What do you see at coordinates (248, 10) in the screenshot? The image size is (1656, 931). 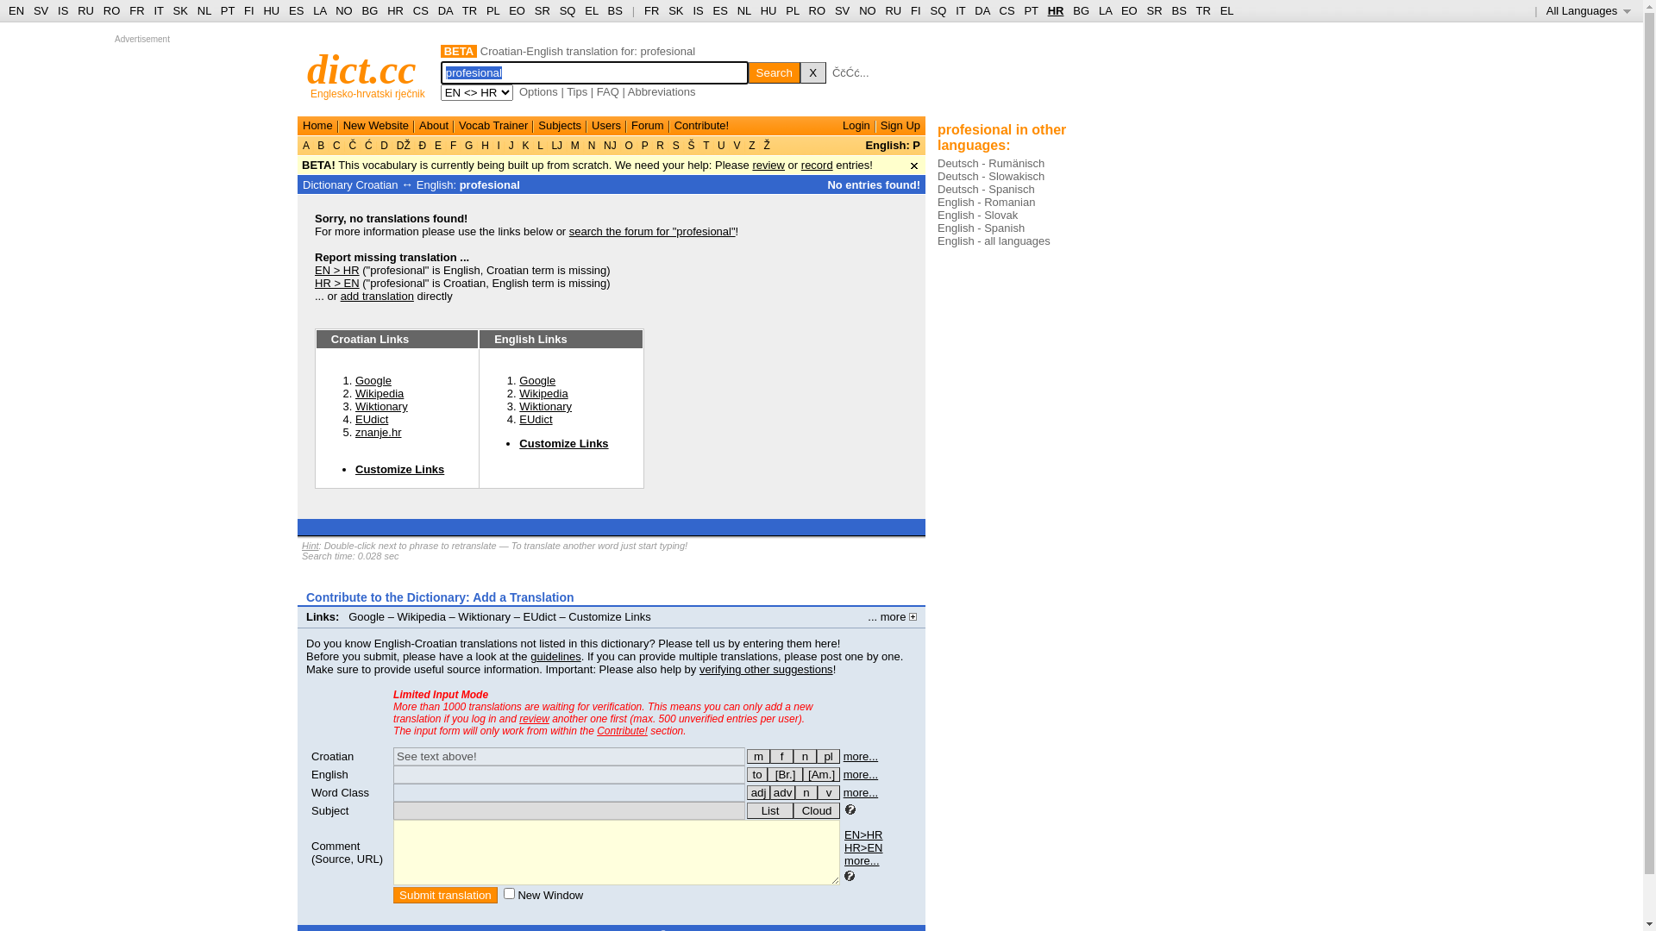 I see `'FI'` at bounding box center [248, 10].